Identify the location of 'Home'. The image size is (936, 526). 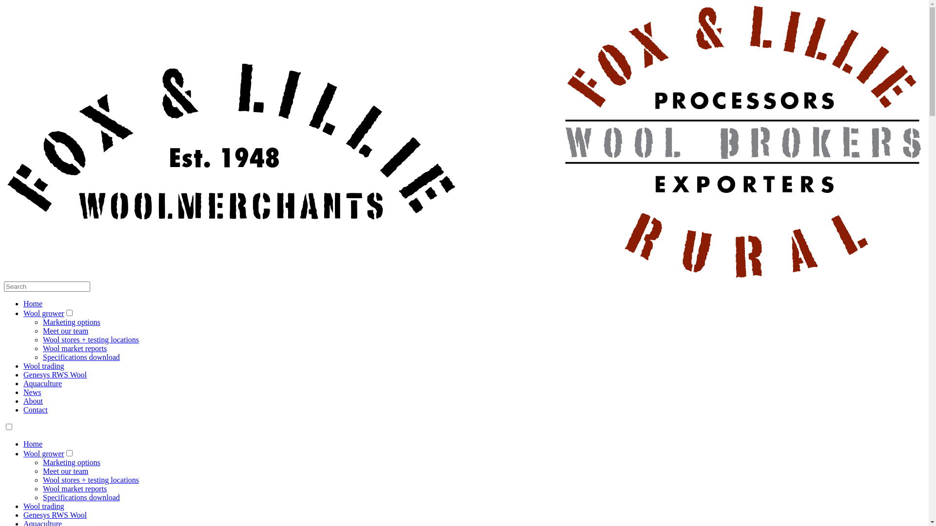
(23, 303).